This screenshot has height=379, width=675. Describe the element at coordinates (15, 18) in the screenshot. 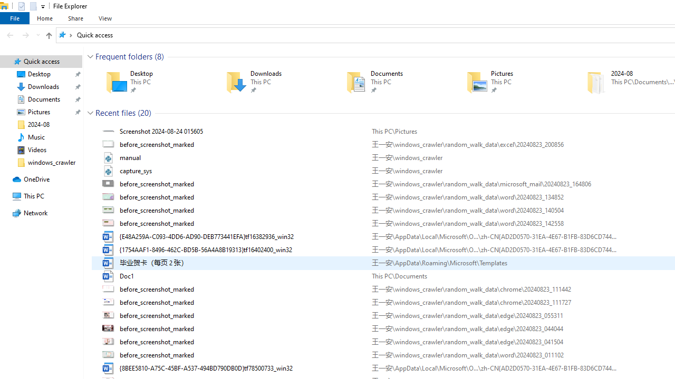

I see `'File tab'` at that location.